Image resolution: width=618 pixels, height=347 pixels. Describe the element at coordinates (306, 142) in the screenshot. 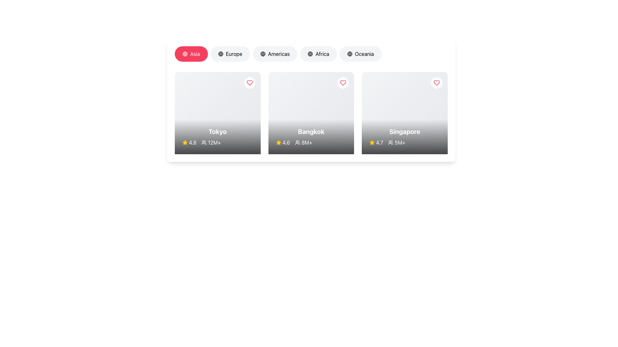

I see `the text label displaying '8M+' which is styled with white text on a gray background, located within a statistical data grouping to the right of a people icon in the third card of location details` at that location.